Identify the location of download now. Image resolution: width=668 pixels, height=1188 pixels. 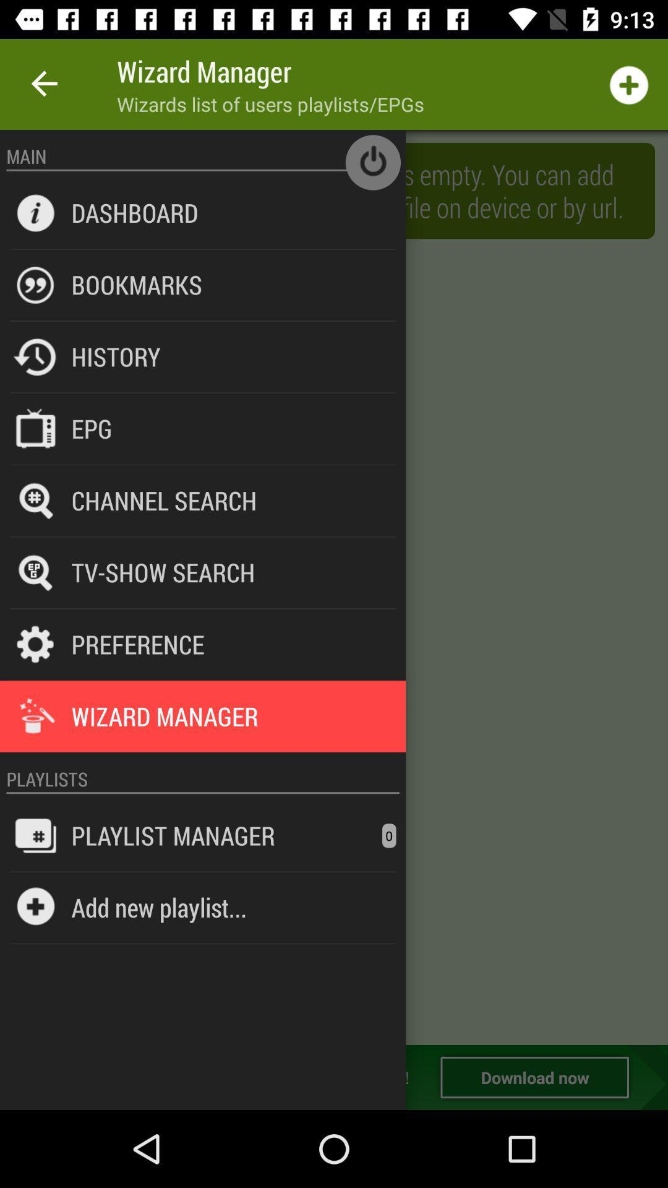
(534, 1077).